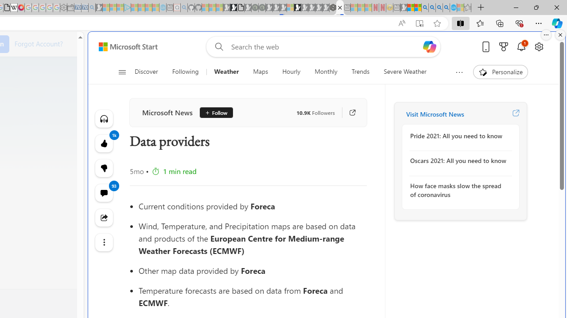 The image size is (567, 318). What do you see at coordinates (500, 72) in the screenshot?
I see `'Personalize'` at bounding box center [500, 72].